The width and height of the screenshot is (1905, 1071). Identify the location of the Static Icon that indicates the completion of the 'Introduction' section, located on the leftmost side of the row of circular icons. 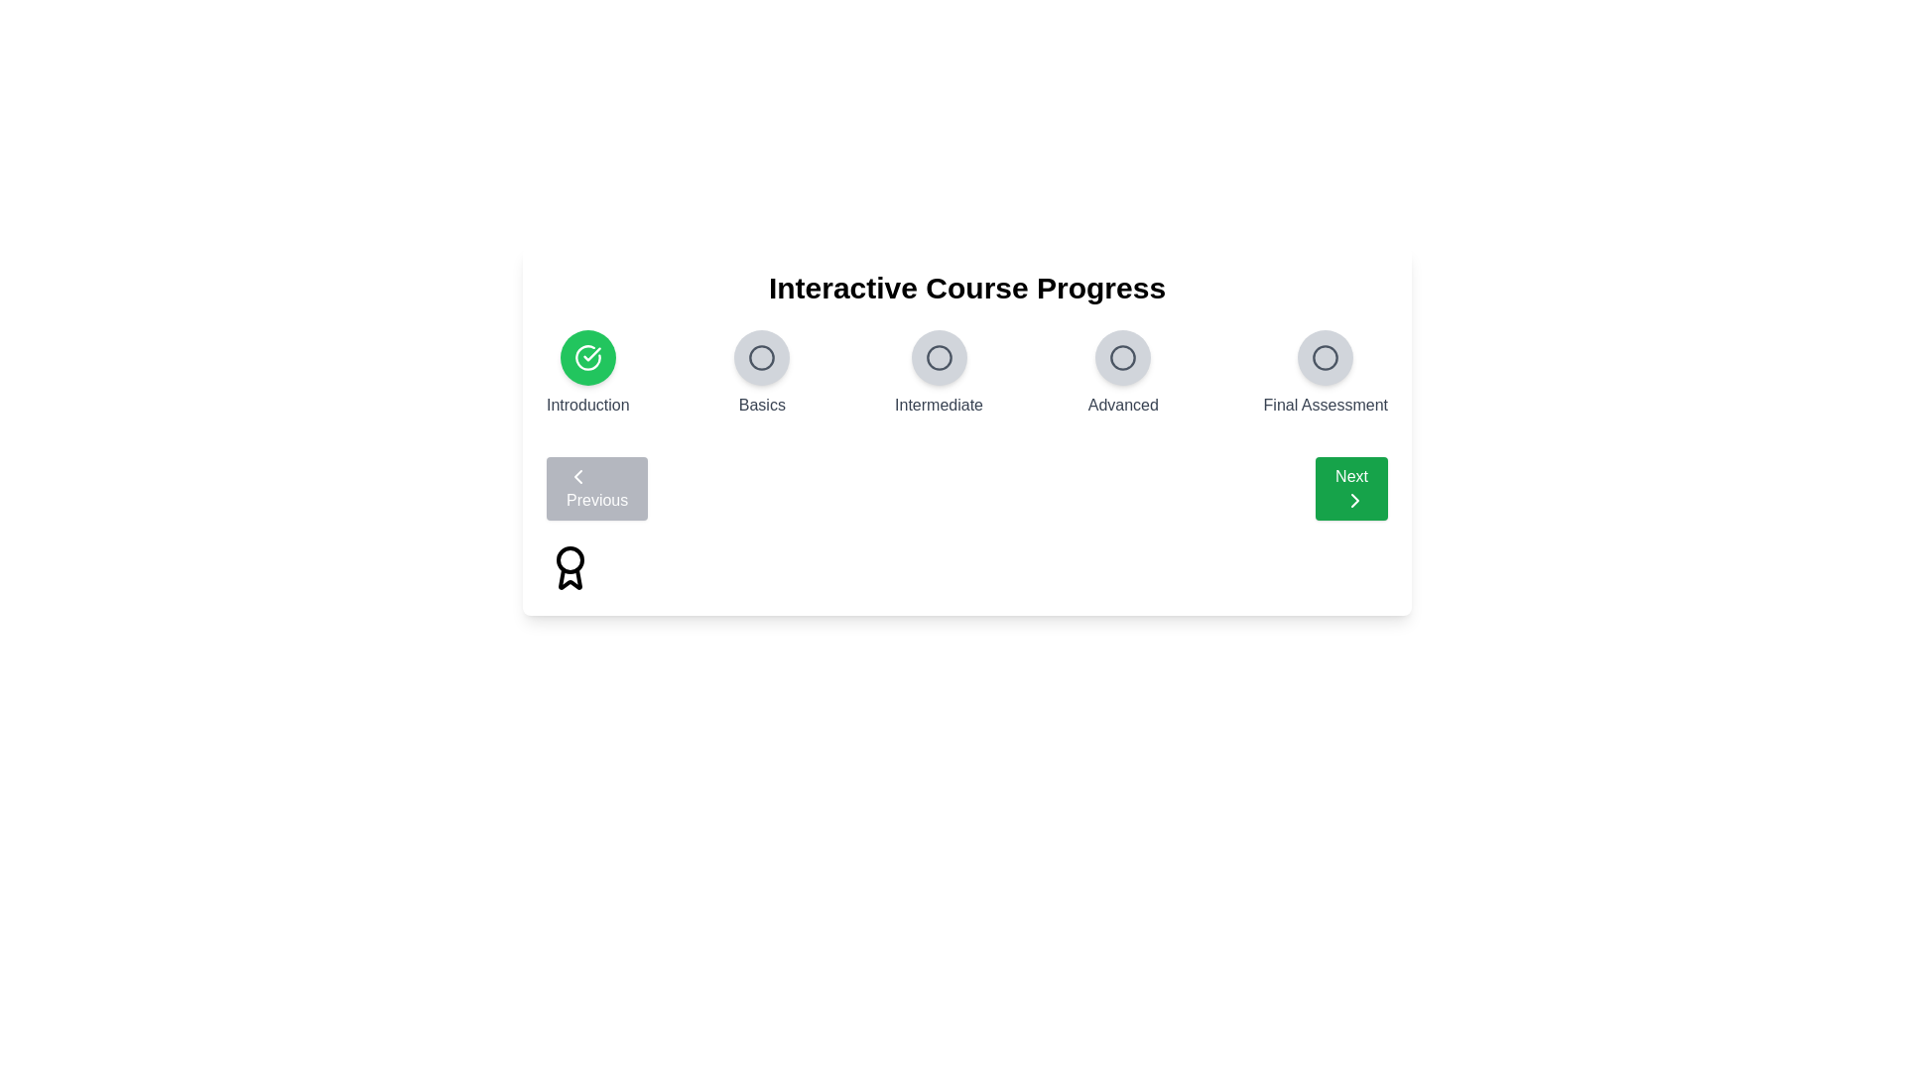
(586, 358).